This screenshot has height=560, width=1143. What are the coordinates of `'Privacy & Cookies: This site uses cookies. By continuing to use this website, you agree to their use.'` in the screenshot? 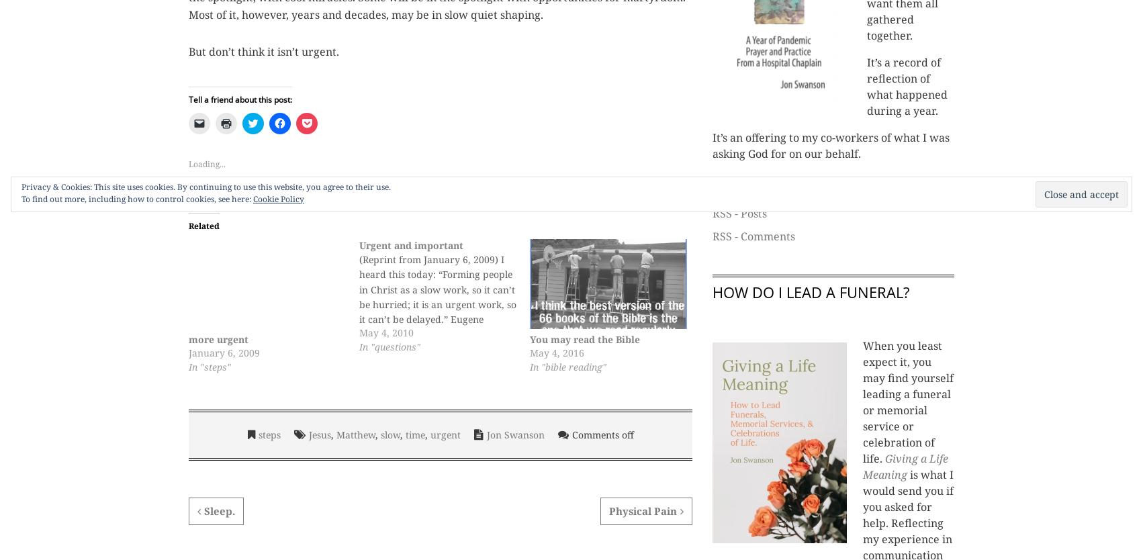 It's located at (206, 187).